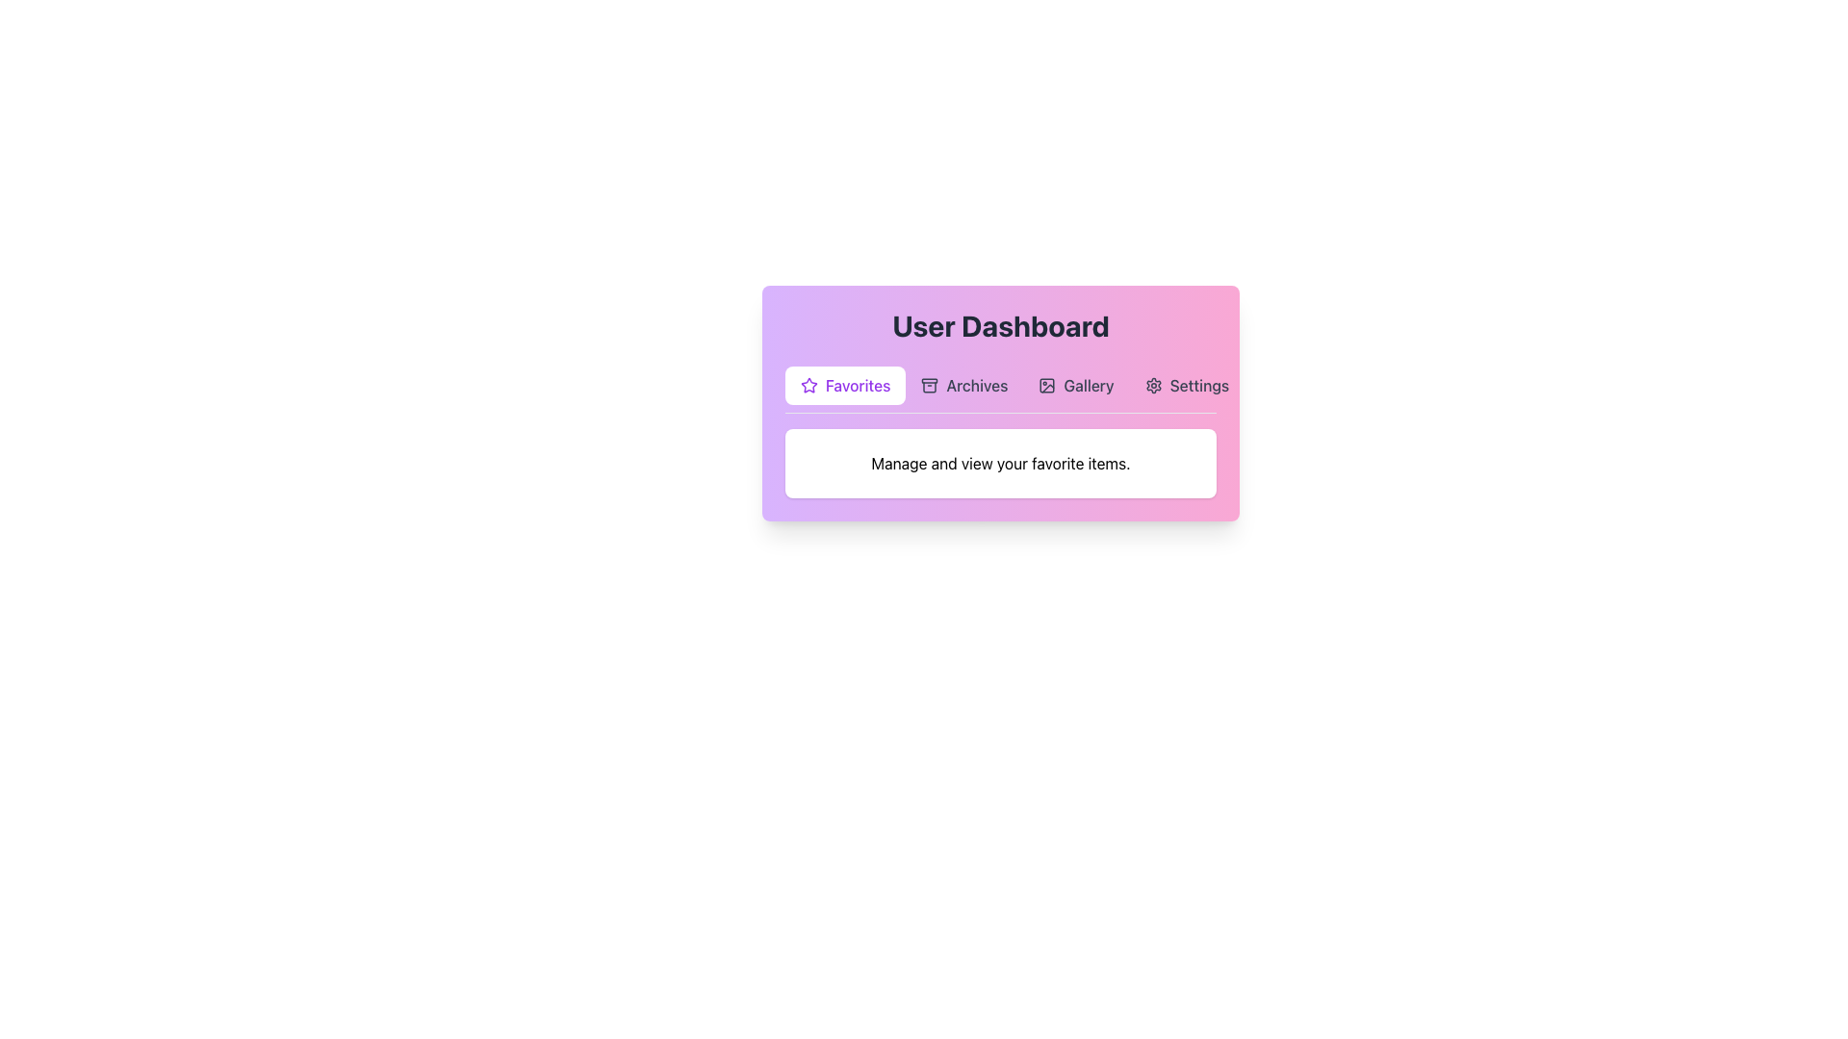 This screenshot has height=1039, width=1848. I want to click on the 'Settings' icon located at the top-right of the dashboard, so click(1153, 386).